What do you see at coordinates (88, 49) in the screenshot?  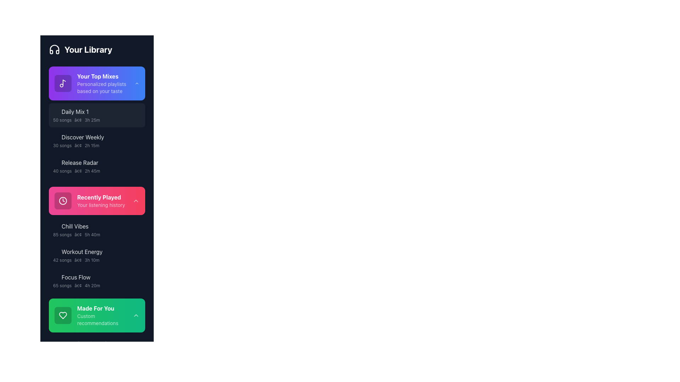 I see `the 'Your Library' text label, which is a large and bold white font against a dark background, located to the right of a circular headphone icon in the sidebar` at bounding box center [88, 49].